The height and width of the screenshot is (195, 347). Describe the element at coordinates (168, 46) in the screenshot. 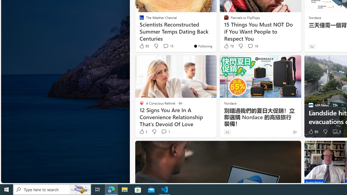

I see `'View comments 15 Comment'` at that location.